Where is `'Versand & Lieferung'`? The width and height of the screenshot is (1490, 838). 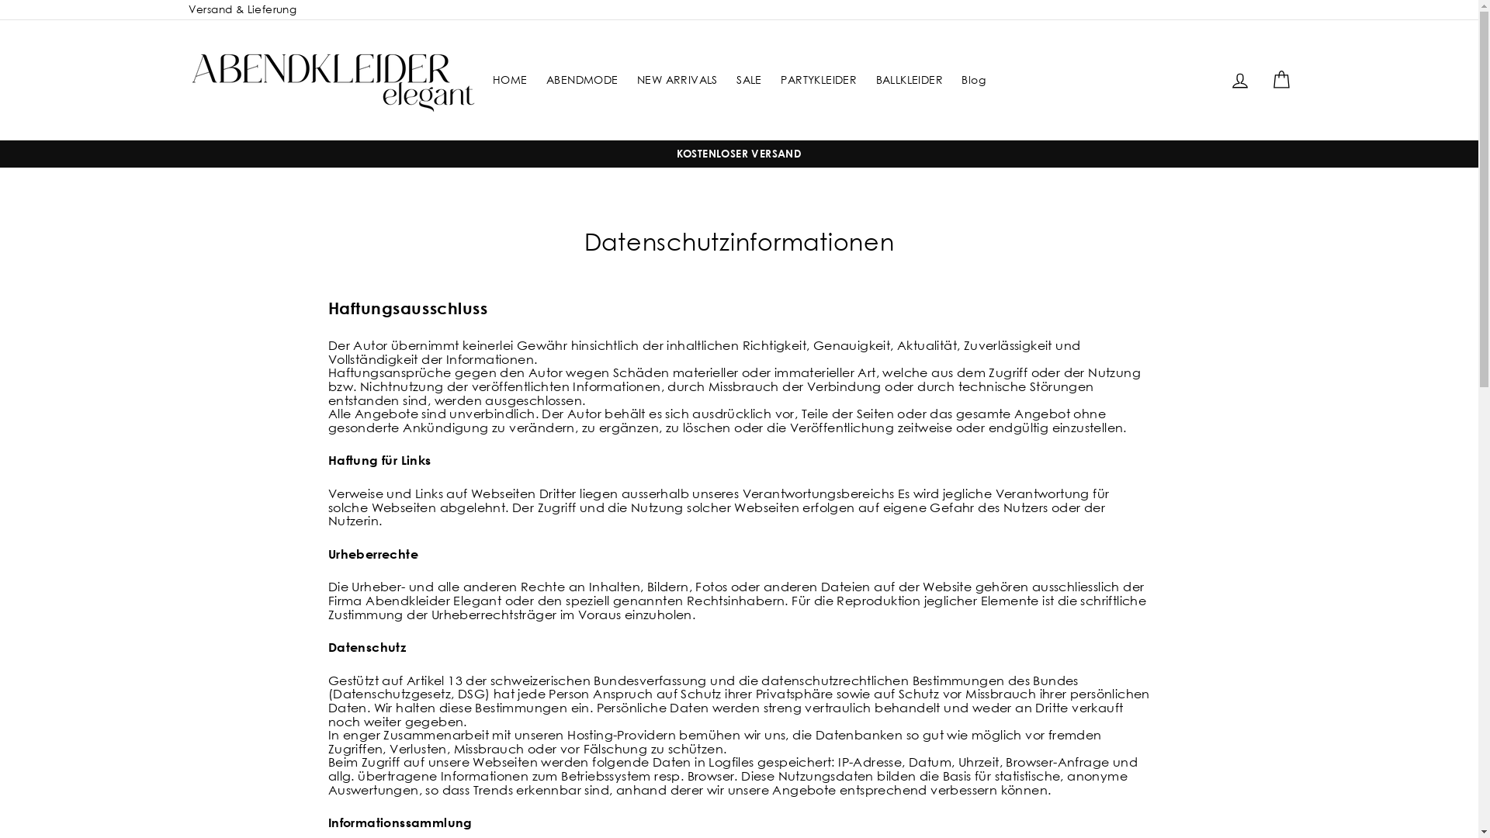 'Versand & Lieferung' is located at coordinates (179, 9).